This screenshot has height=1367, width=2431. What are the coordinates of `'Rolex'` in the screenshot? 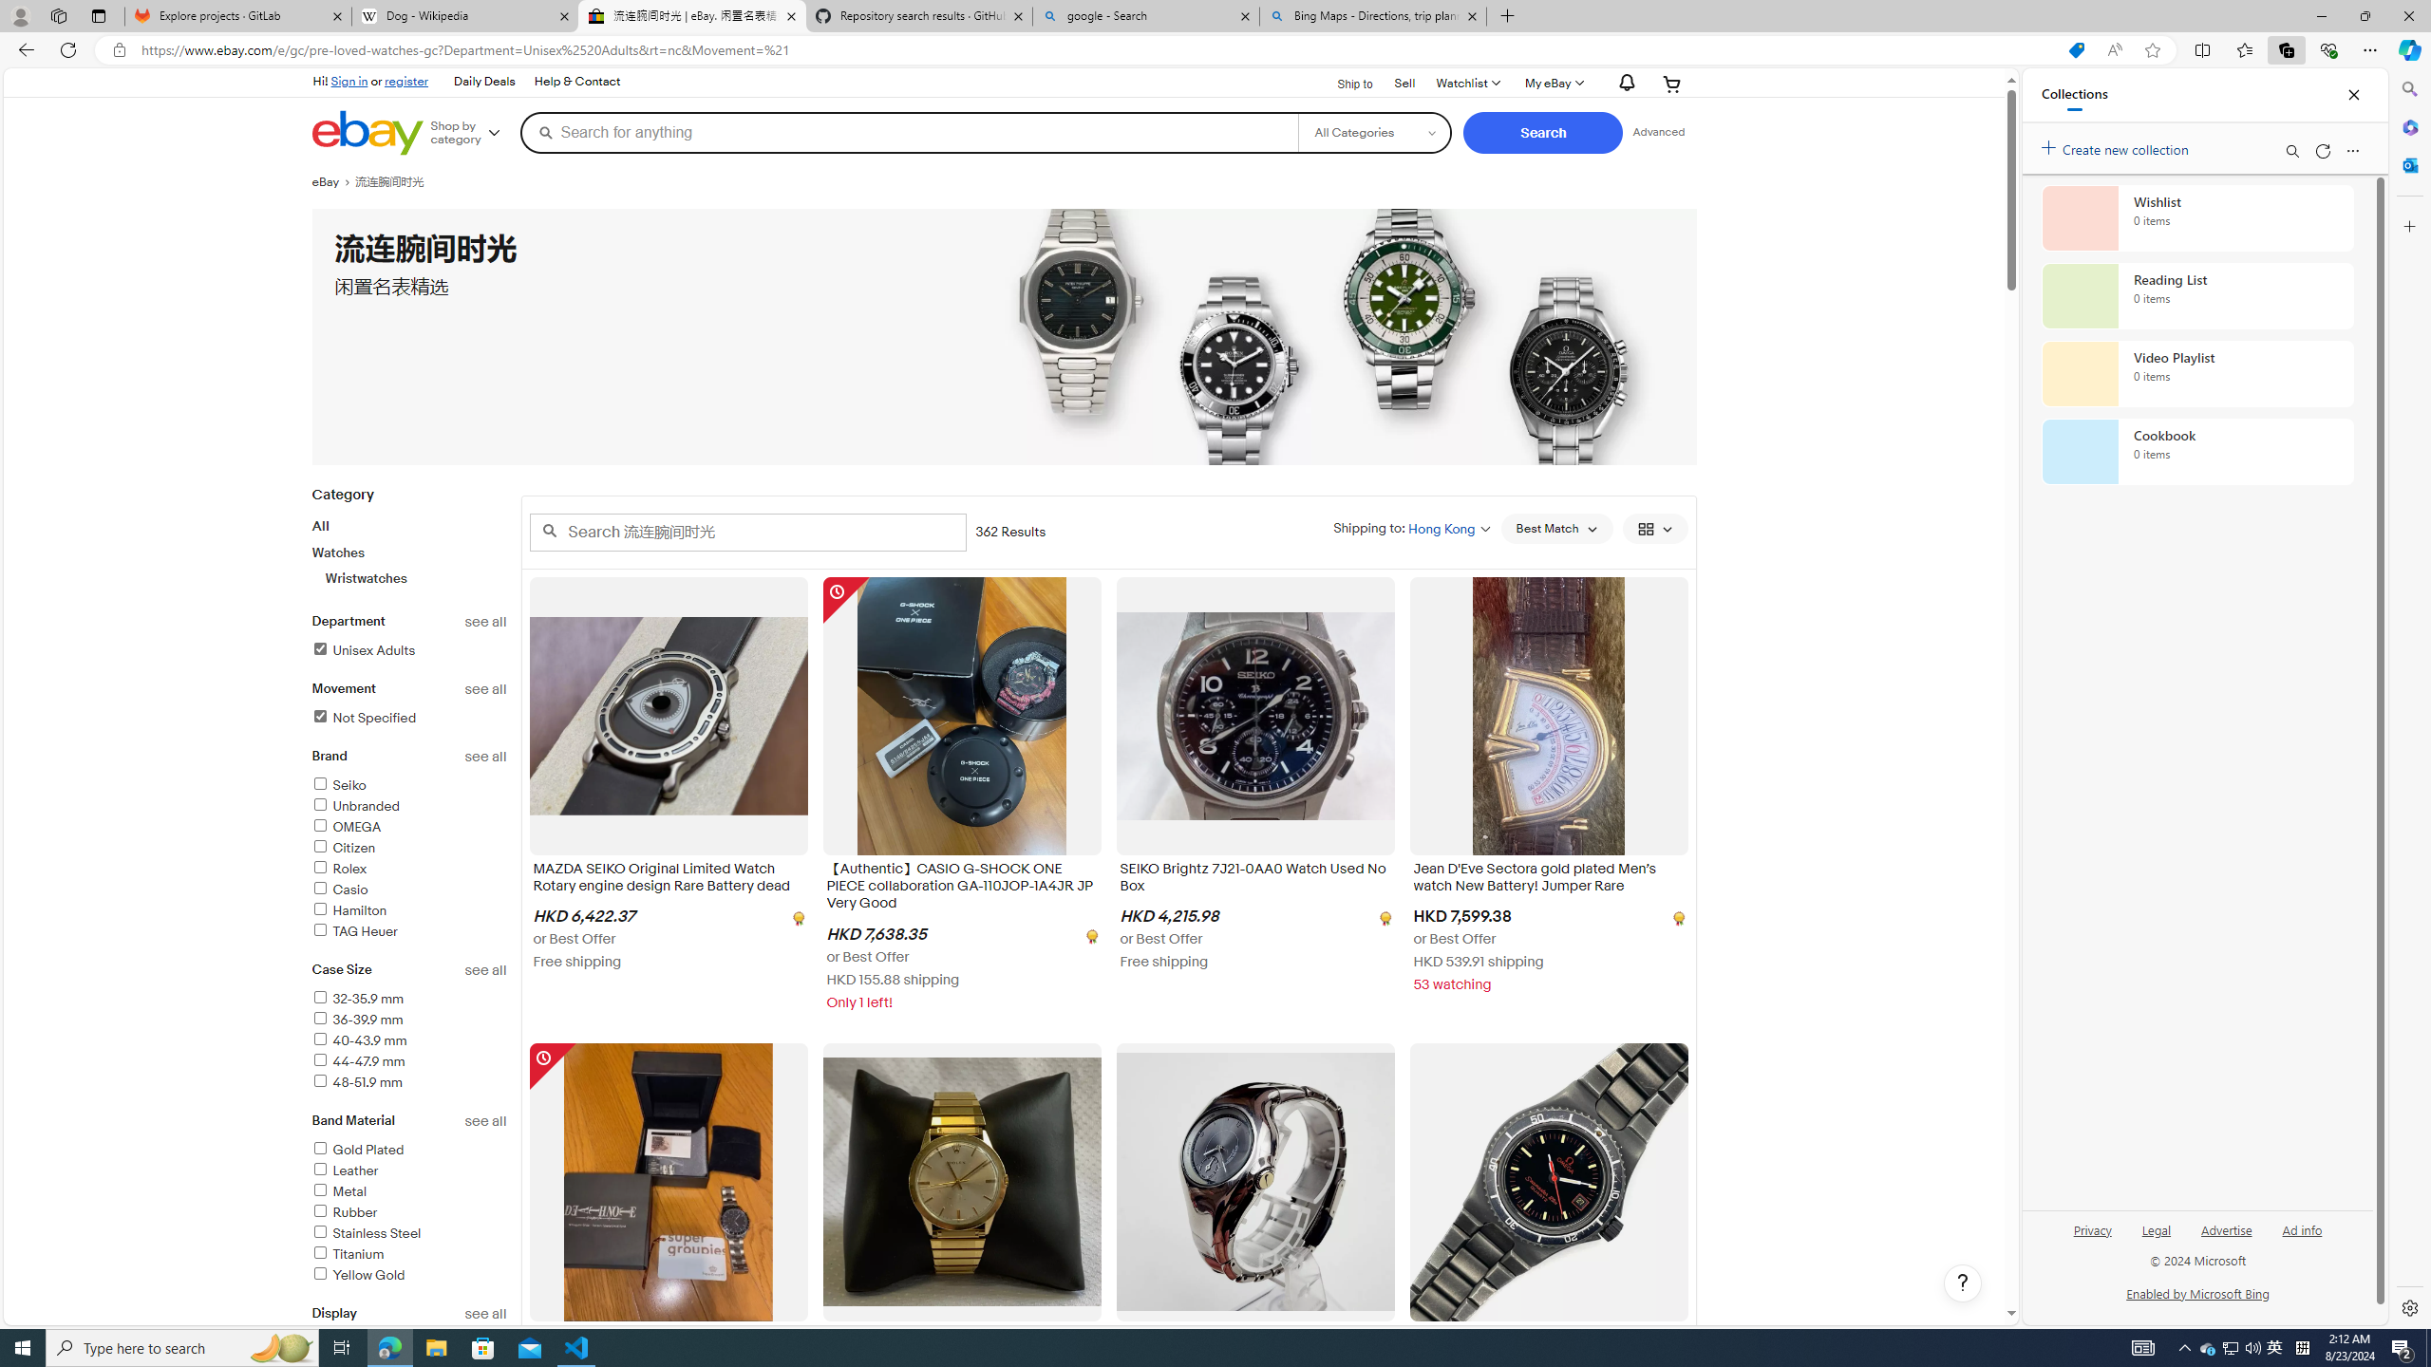 It's located at (338, 869).